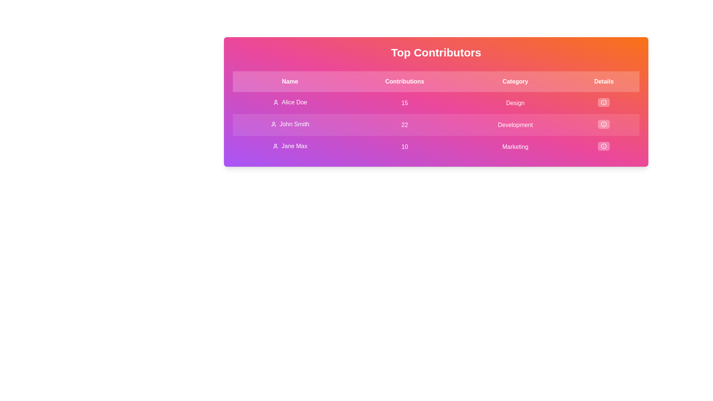  What do you see at coordinates (515, 103) in the screenshot?
I see `the text label displaying 'Design' in white font, which is centrally aligned in the first entry of the 'Category' column of the table, adjacent to the '15' in the 'Contributions' column` at bounding box center [515, 103].